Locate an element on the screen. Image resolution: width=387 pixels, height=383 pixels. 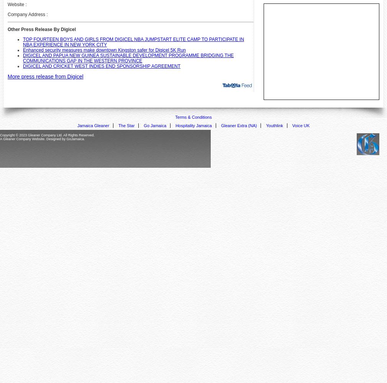
'Copyright © 2023  Gleaner Company Ltd. All Rights Reserved.' is located at coordinates (47, 135).